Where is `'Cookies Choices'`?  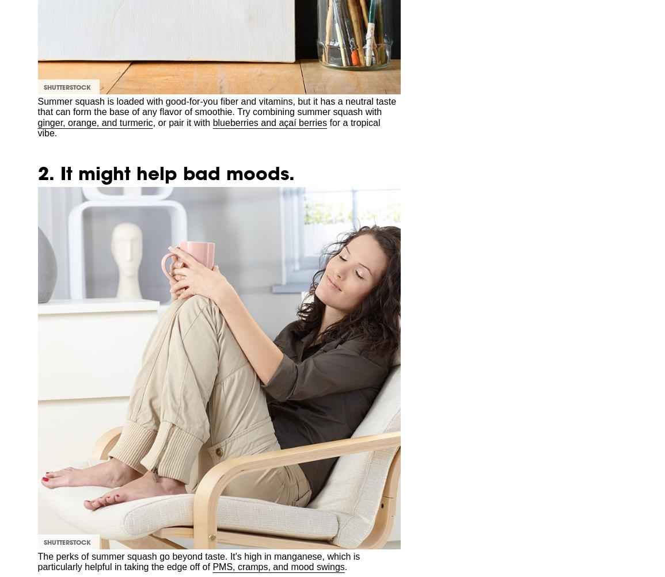 'Cookies Choices' is located at coordinates (62, 221).